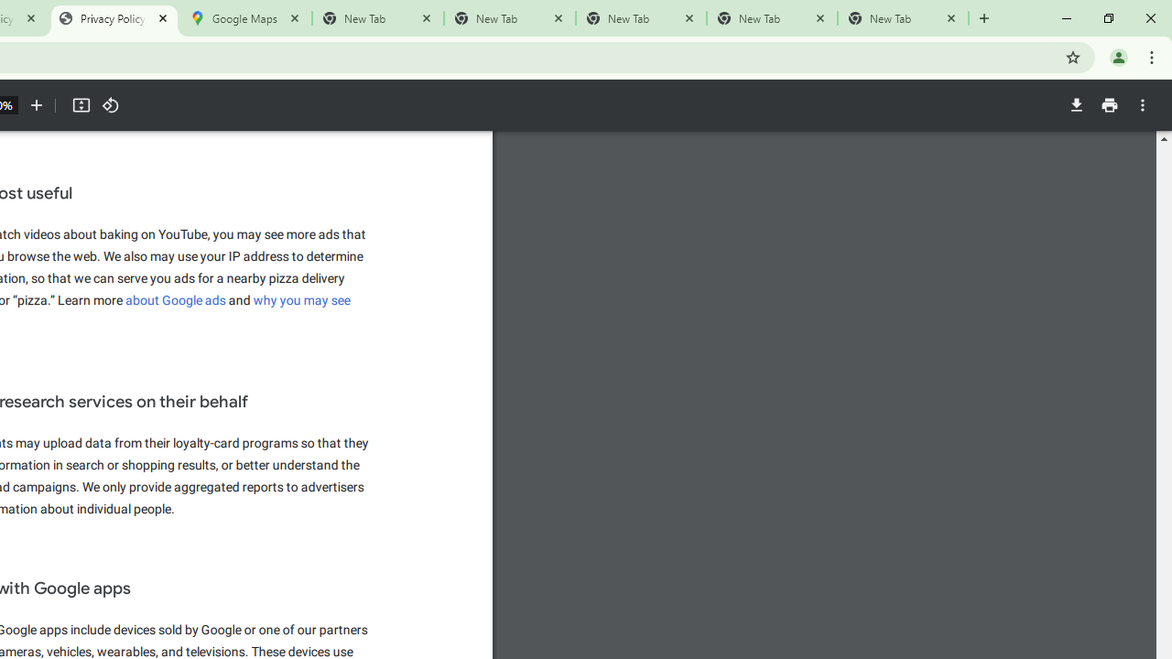  Describe the element at coordinates (244, 18) in the screenshot. I see `'Google Maps'` at that location.